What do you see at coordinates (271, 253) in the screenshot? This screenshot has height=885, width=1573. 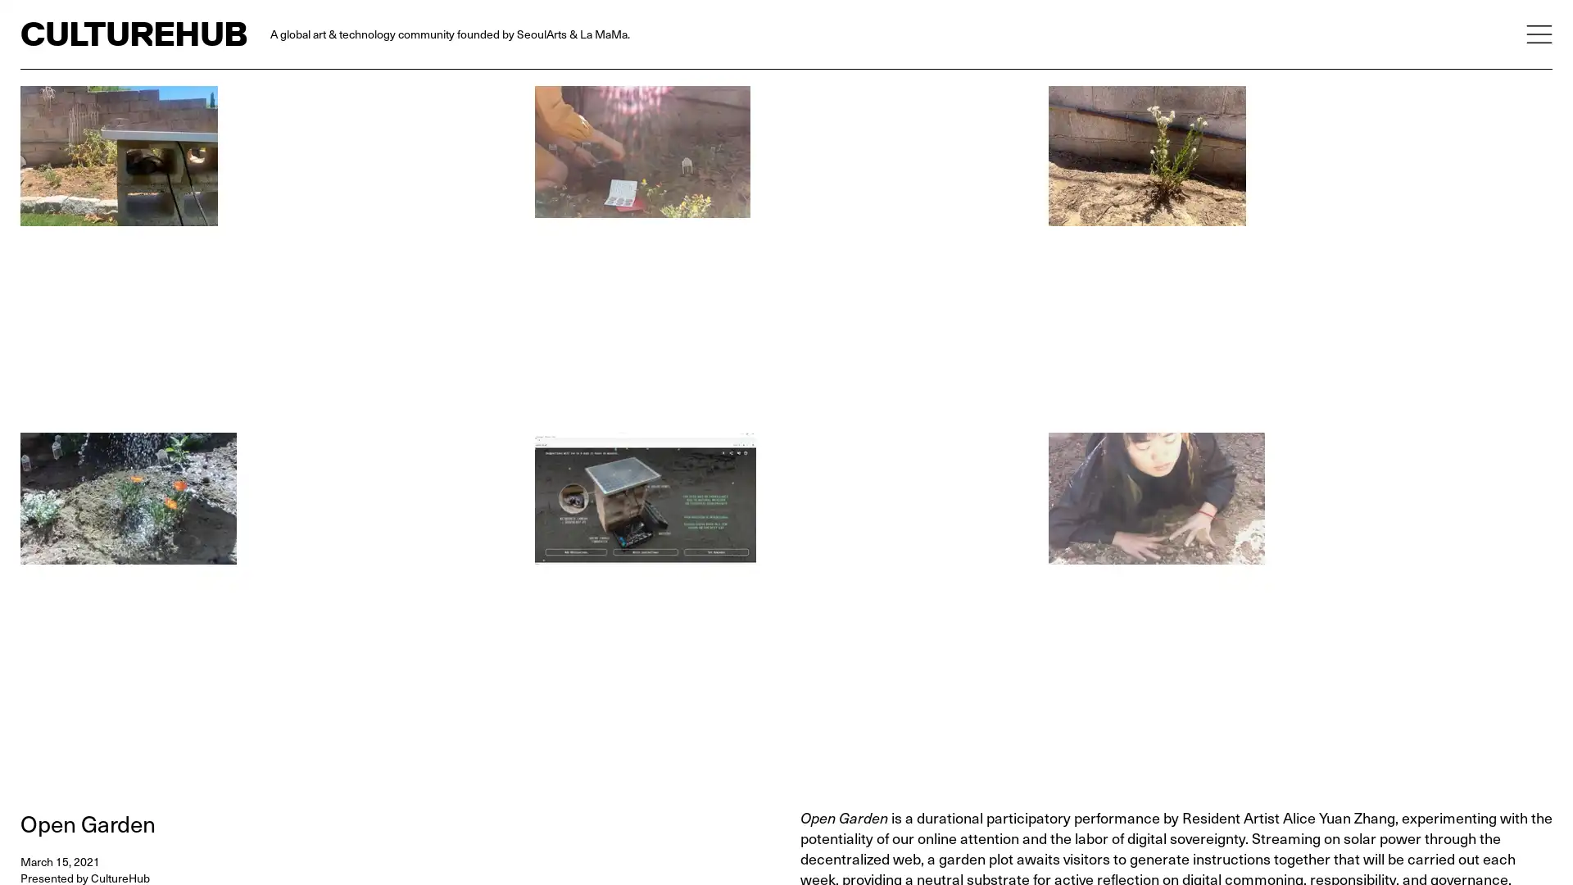 I see `View fullsize Photo 2 of Open Garden from Week 15 (06.24).jpg` at bounding box center [271, 253].